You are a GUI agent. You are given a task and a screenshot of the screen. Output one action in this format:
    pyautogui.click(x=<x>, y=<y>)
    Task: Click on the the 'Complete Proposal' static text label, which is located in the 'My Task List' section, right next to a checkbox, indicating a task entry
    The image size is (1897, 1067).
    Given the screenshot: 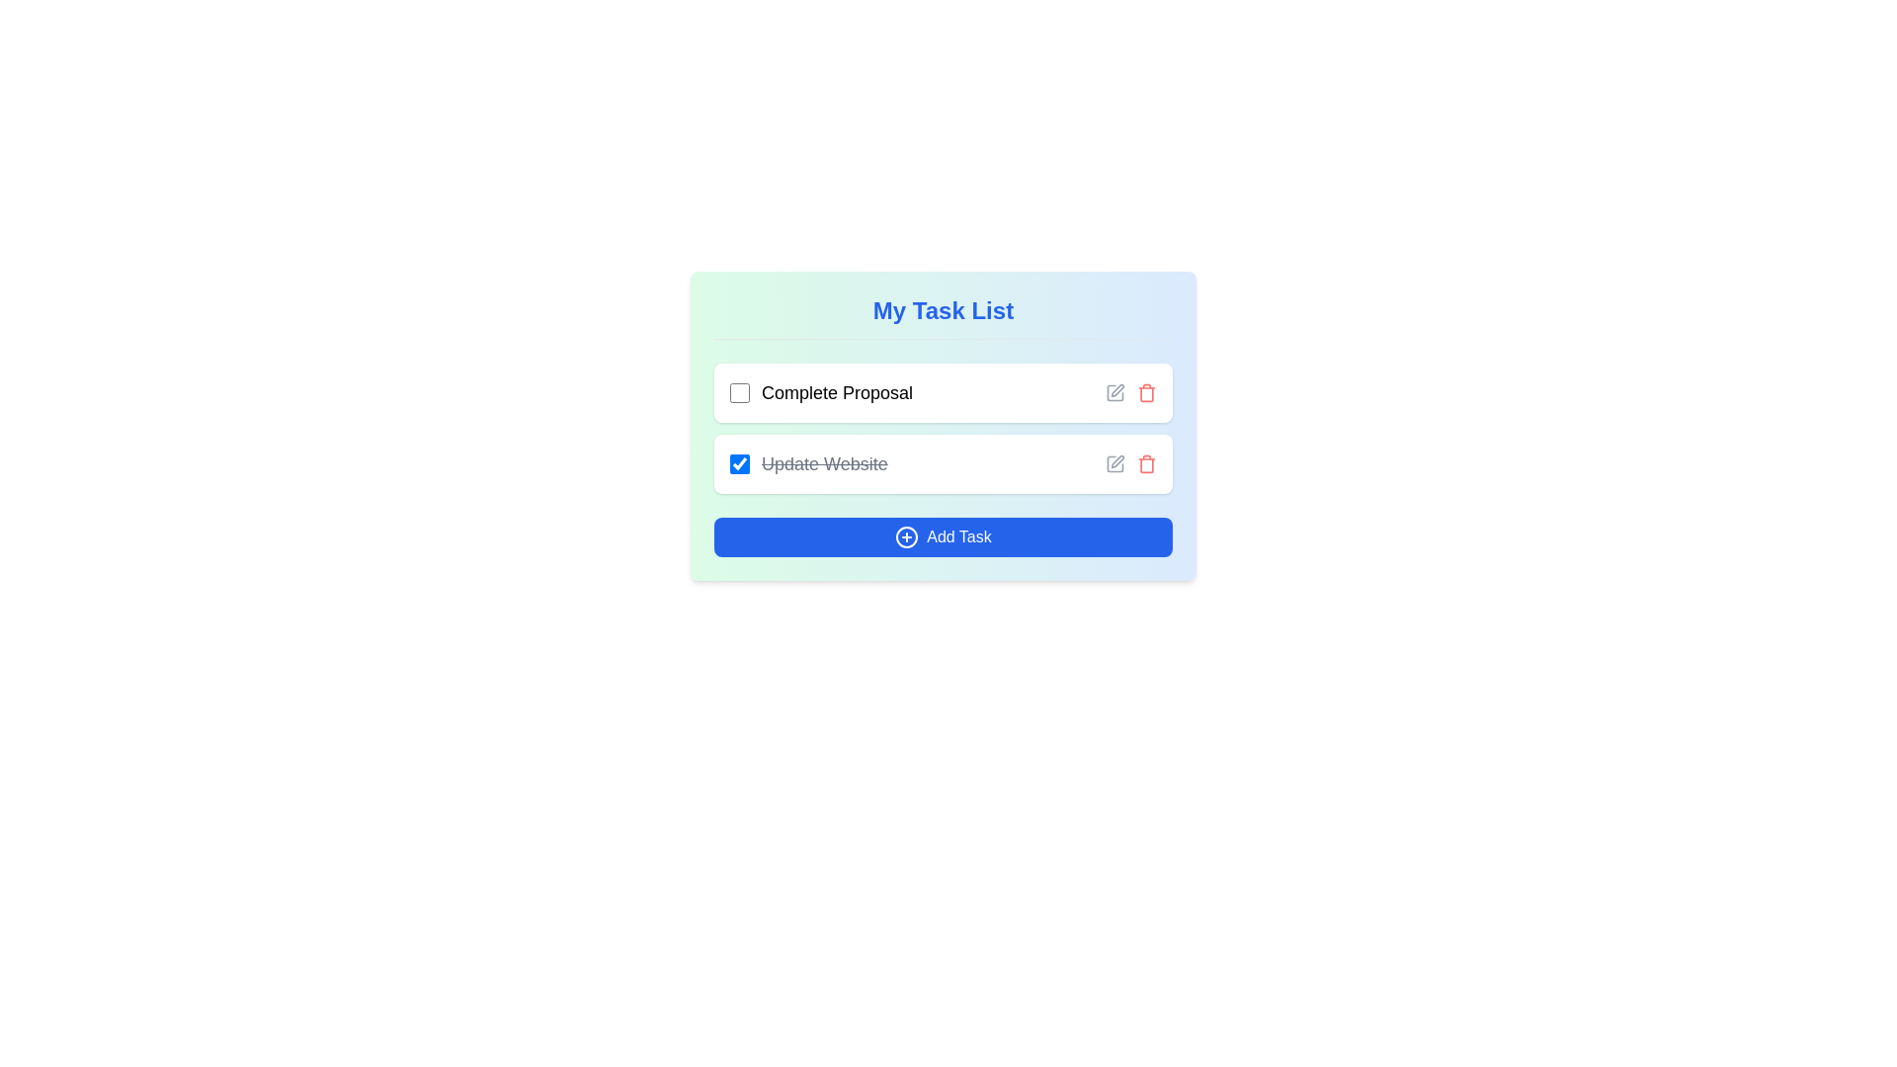 What is the action you would take?
    pyautogui.click(x=837, y=392)
    